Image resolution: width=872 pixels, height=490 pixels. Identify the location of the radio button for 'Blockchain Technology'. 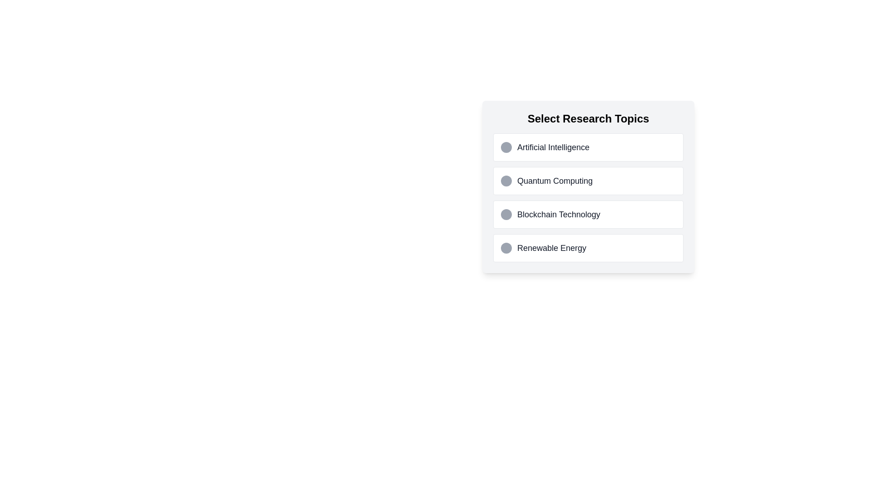
(505, 215).